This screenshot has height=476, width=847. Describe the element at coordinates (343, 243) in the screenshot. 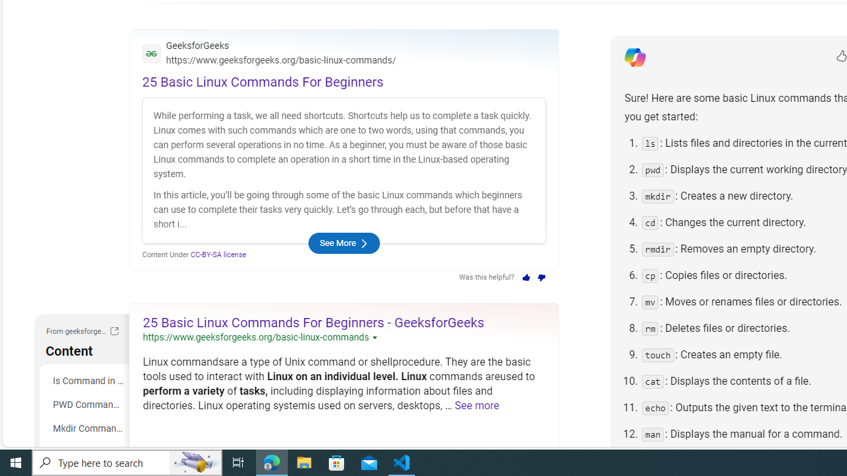

I see `'See More'` at that location.